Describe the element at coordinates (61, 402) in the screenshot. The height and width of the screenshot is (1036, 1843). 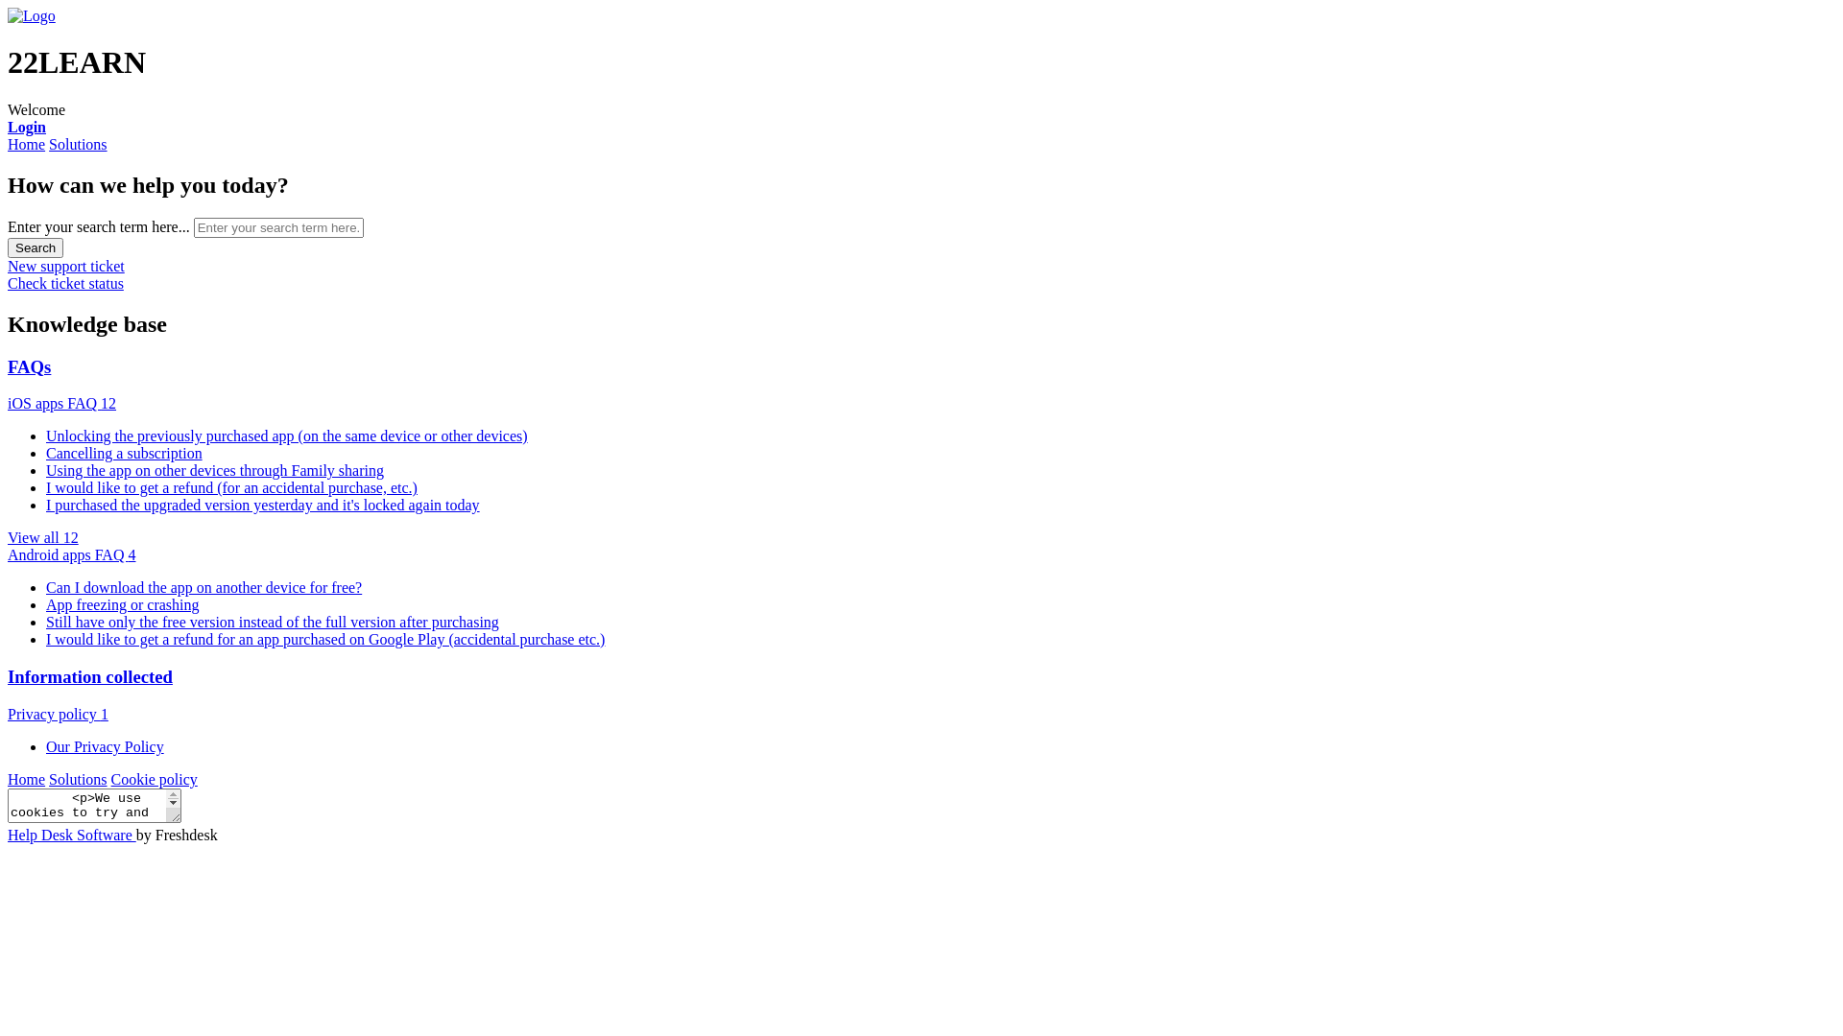
I see `'iOS apps FAQ 12'` at that location.